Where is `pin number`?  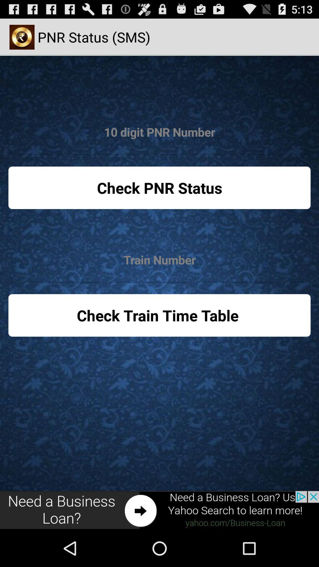 pin number is located at coordinates (159, 132).